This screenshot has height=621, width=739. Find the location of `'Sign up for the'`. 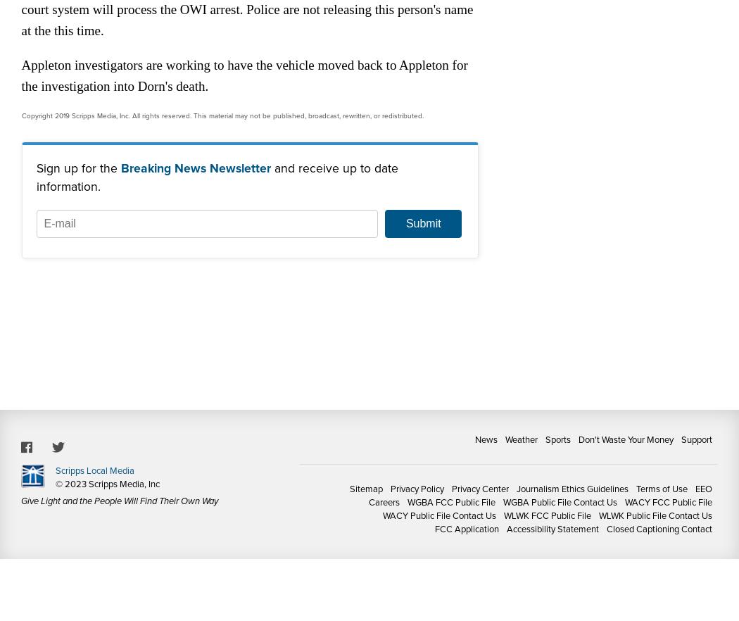

'Sign up for the' is located at coordinates (77, 168).